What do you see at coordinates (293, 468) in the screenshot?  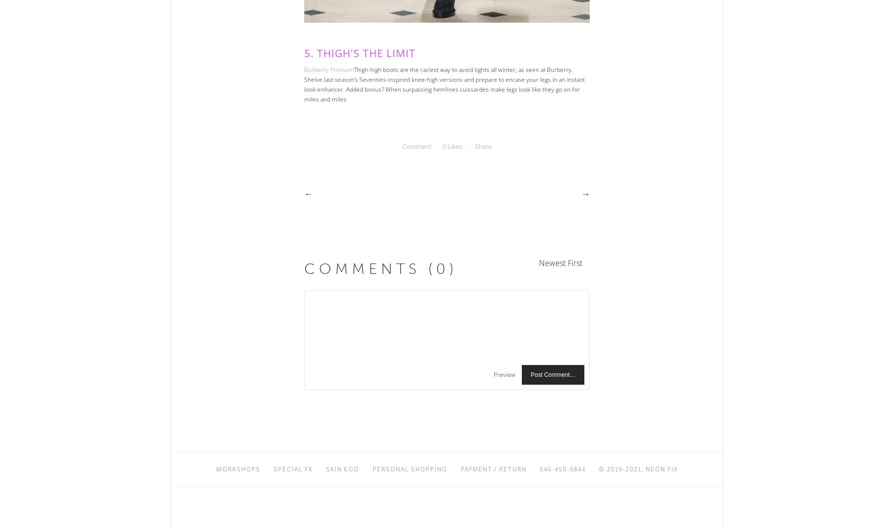 I see `'Special FX'` at bounding box center [293, 468].